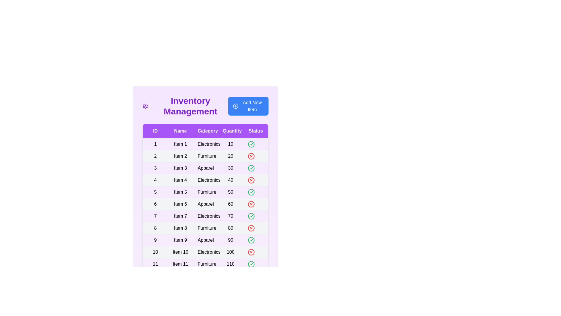  I want to click on the table row corresponding to 1, so click(205, 144).